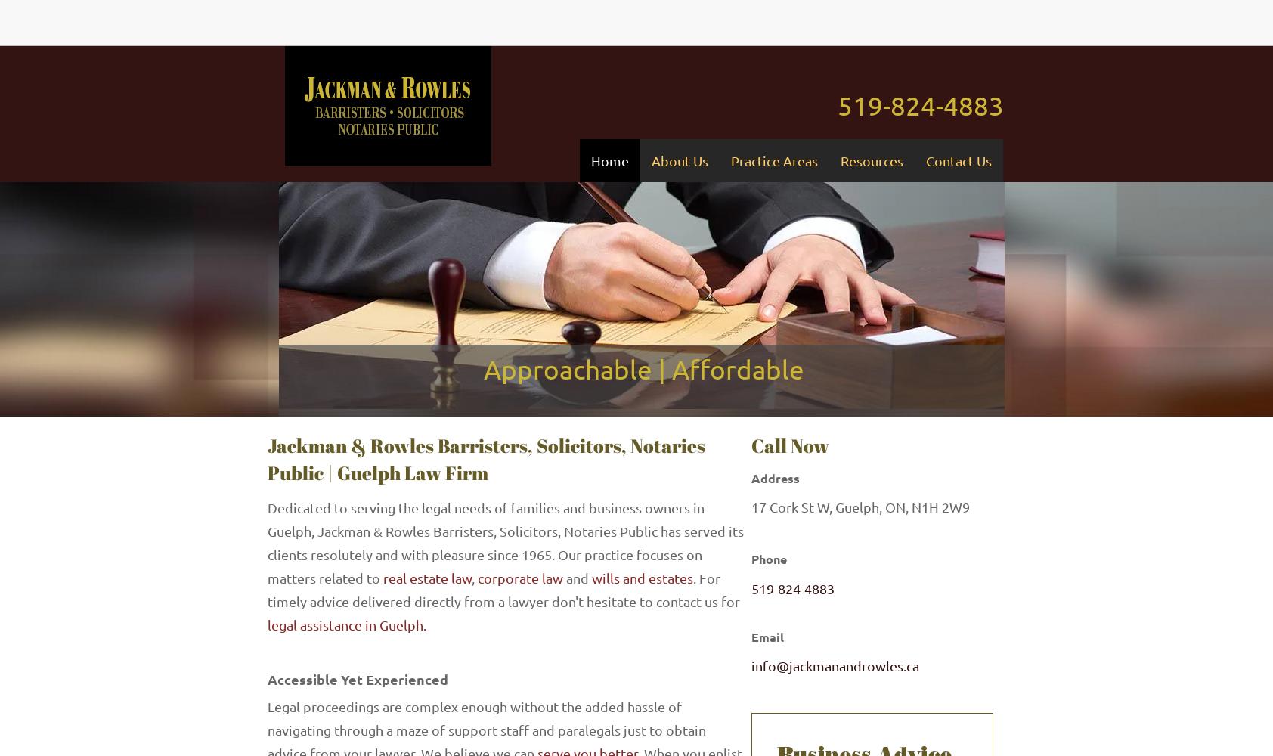 The width and height of the screenshot is (1273, 756). Describe the element at coordinates (486, 458) in the screenshot. I see `'Jackman & Rowles Barristers, Solicitors, Notaries Public | Guelph Law Firm'` at that location.